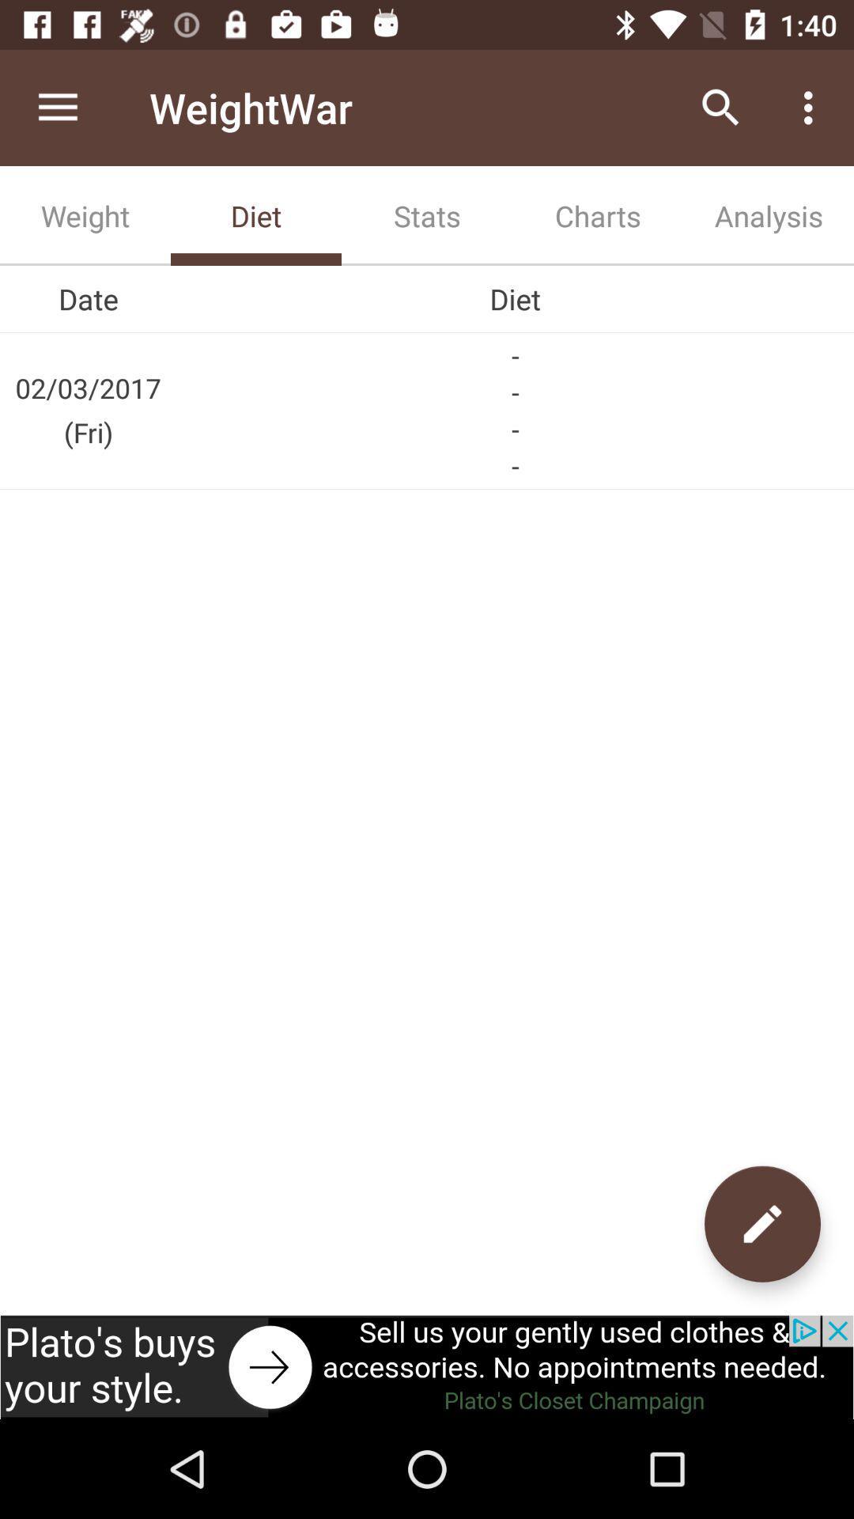 This screenshot has height=1519, width=854. I want to click on the tab next to diet, so click(427, 215).